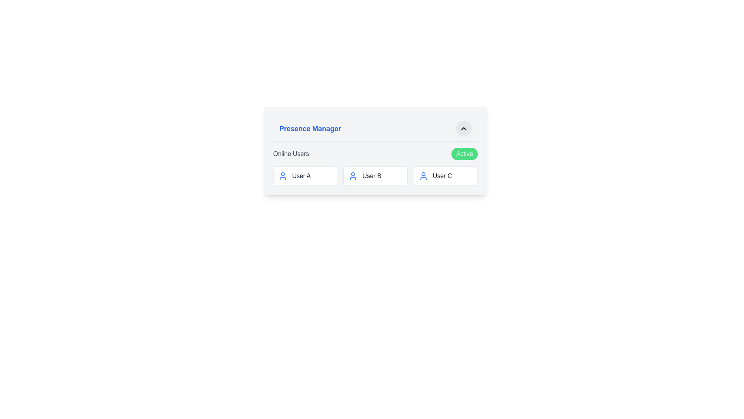 The height and width of the screenshot is (419, 744). I want to click on the user information card labeled 'User A', which is the leftmost card in a grid of three, featuring a user icon and medium gray text, so click(305, 176).